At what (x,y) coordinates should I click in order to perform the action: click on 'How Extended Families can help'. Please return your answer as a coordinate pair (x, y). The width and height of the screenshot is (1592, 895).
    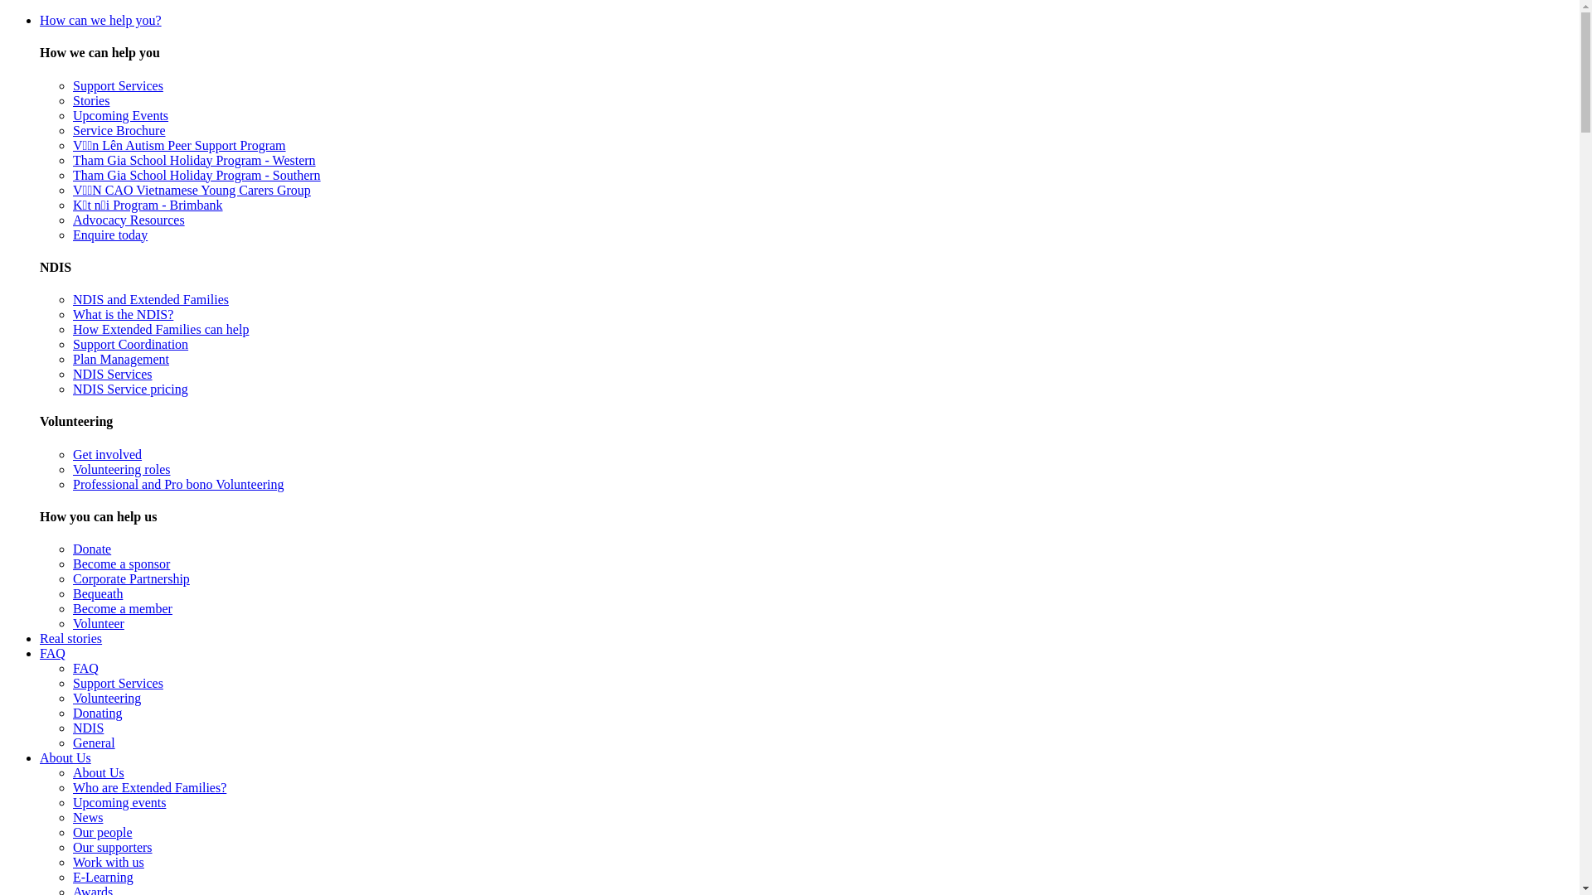
    Looking at the image, I should click on (160, 329).